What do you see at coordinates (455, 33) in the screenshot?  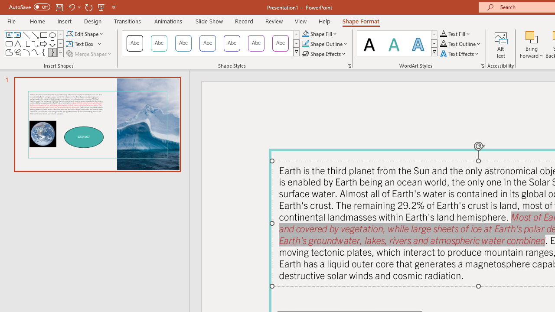 I see `'Text Fill'` at bounding box center [455, 33].